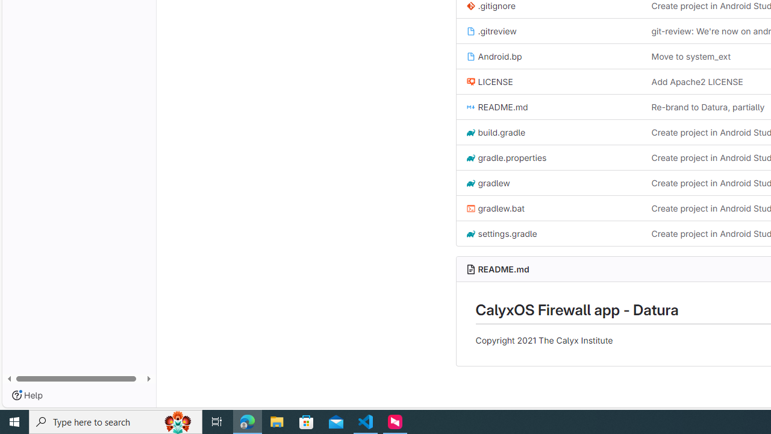 The height and width of the screenshot is (434, 771). What do you see at coordinates (495, 207) in the screenshot?
I see `'gradlew.bat'` at bounding box center [495, 207].